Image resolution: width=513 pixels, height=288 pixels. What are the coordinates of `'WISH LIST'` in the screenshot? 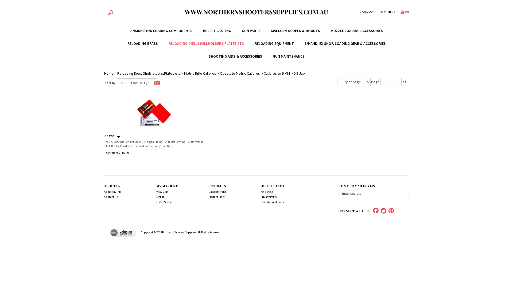 It's located at (388, 12).